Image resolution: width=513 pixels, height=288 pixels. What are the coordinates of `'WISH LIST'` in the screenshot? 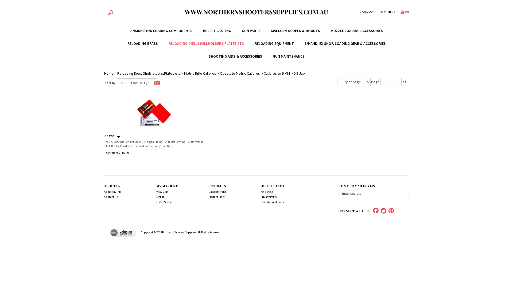 It's located at (388, 12).